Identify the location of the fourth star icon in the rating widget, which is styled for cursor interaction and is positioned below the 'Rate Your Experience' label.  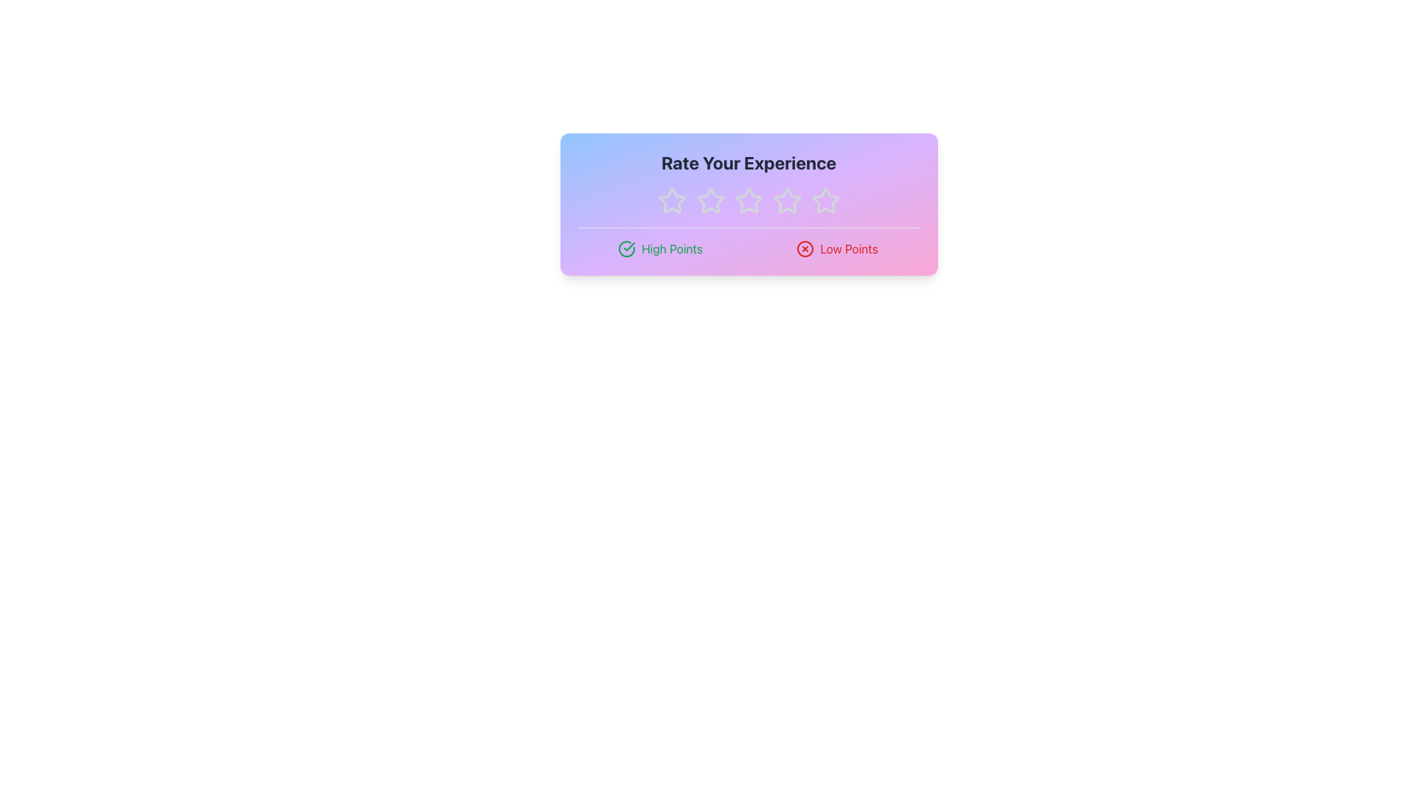
(786, 201).